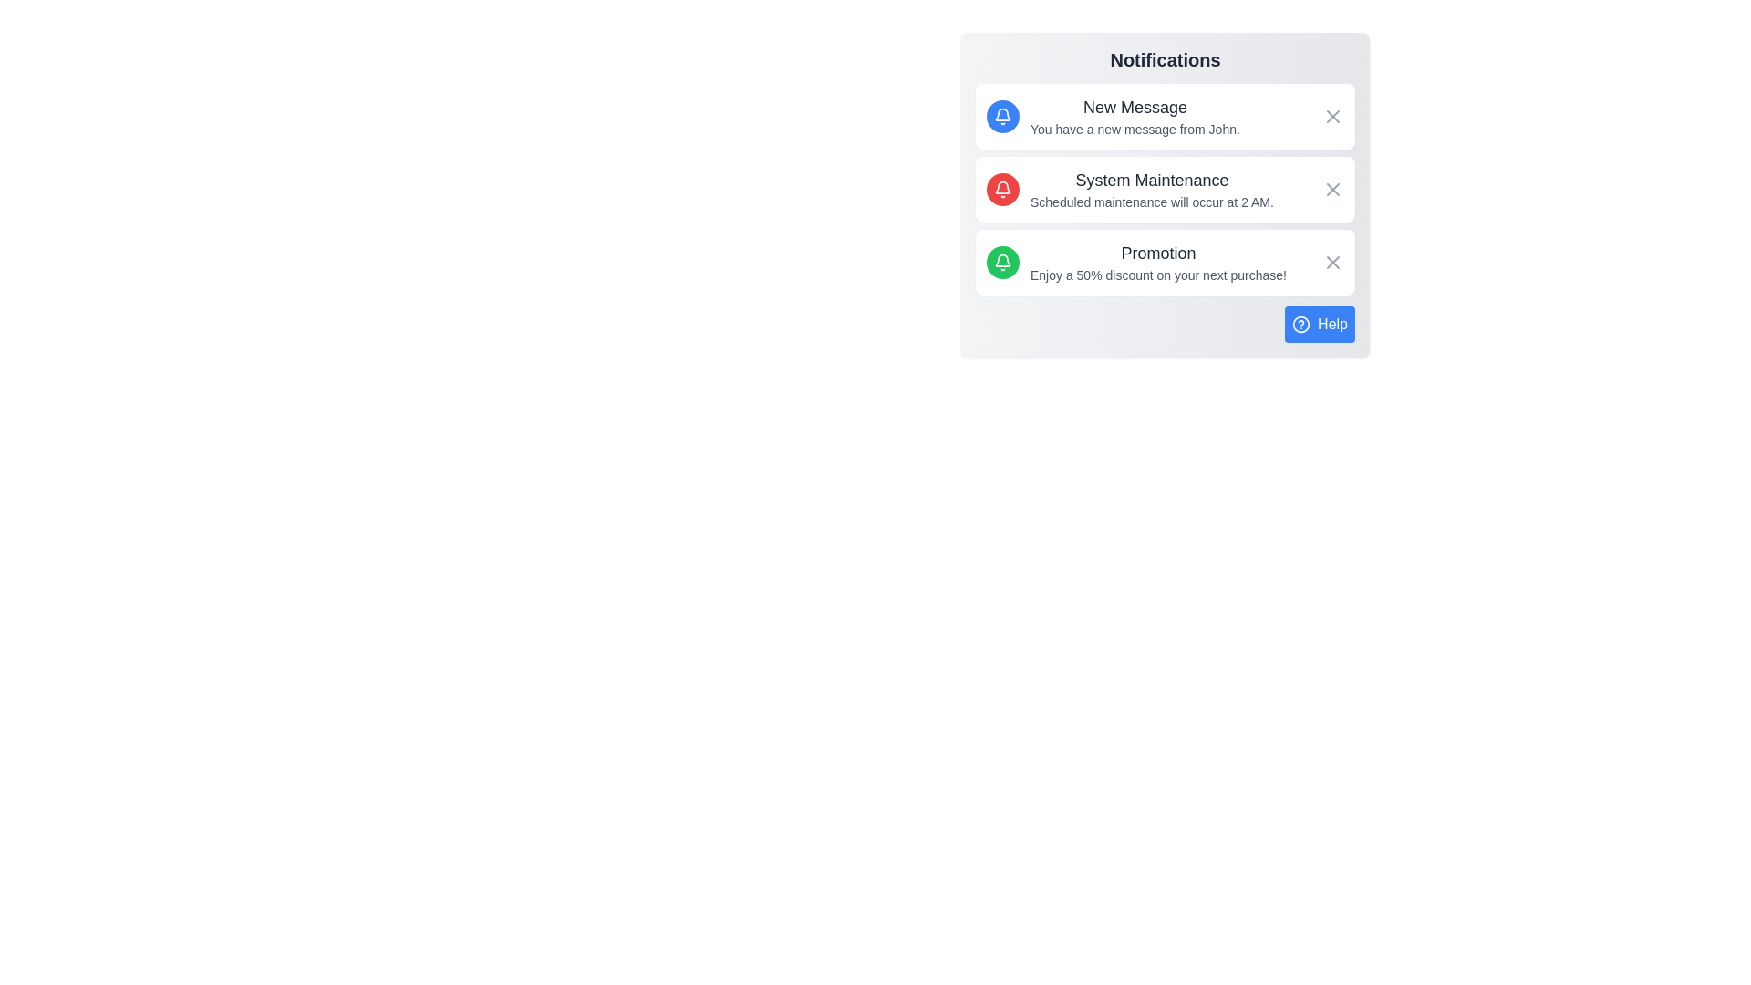  Describe the element at coordinates (1001, 263) in the screenshot. I see `the green circular badge with a white bell icon located at the left side of the 'Promotion' notification card, which is vertically aligned with the text 'Enjoy a 50% discount on your next purchase!'` at that location.